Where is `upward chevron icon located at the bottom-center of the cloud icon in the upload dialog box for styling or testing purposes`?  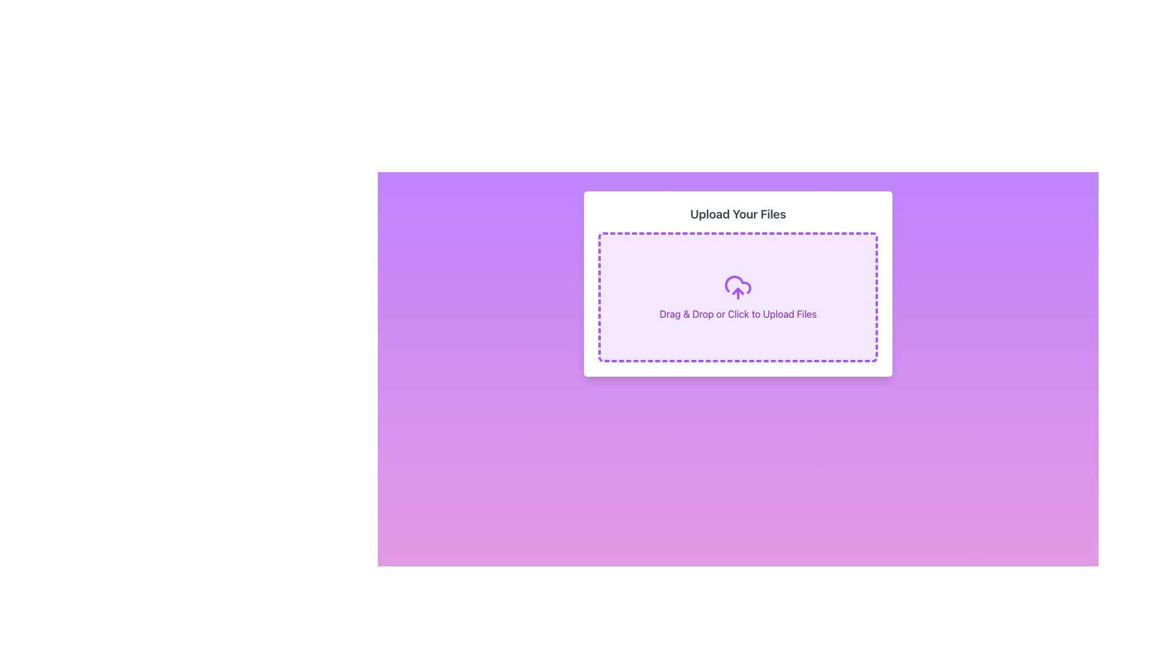 upward chevron icon located at the bottom-center of the cloud icon in the upload dialog box for styling or testing purposes is located at coordinates (737, 291).